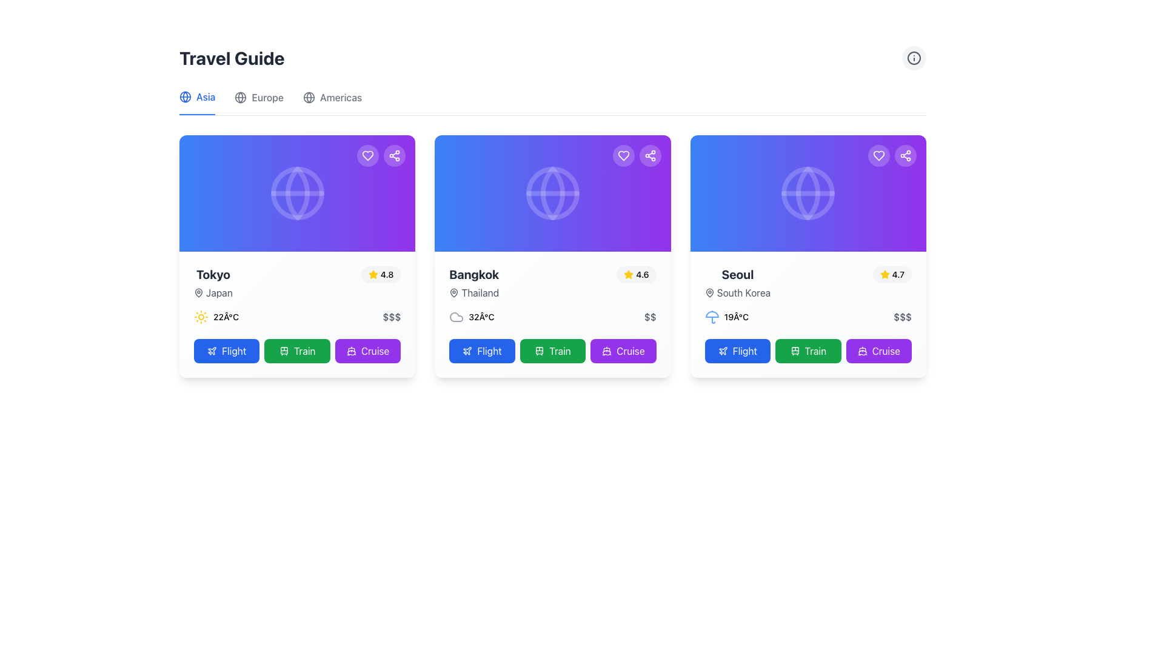  Describe the element at coordinates (367, 351) in the screenshot. I see `the 'Cruise' button, which has a purple background with white text and a ship icon, located at the bottom of the card labeled 'Tokyo'` at that location.